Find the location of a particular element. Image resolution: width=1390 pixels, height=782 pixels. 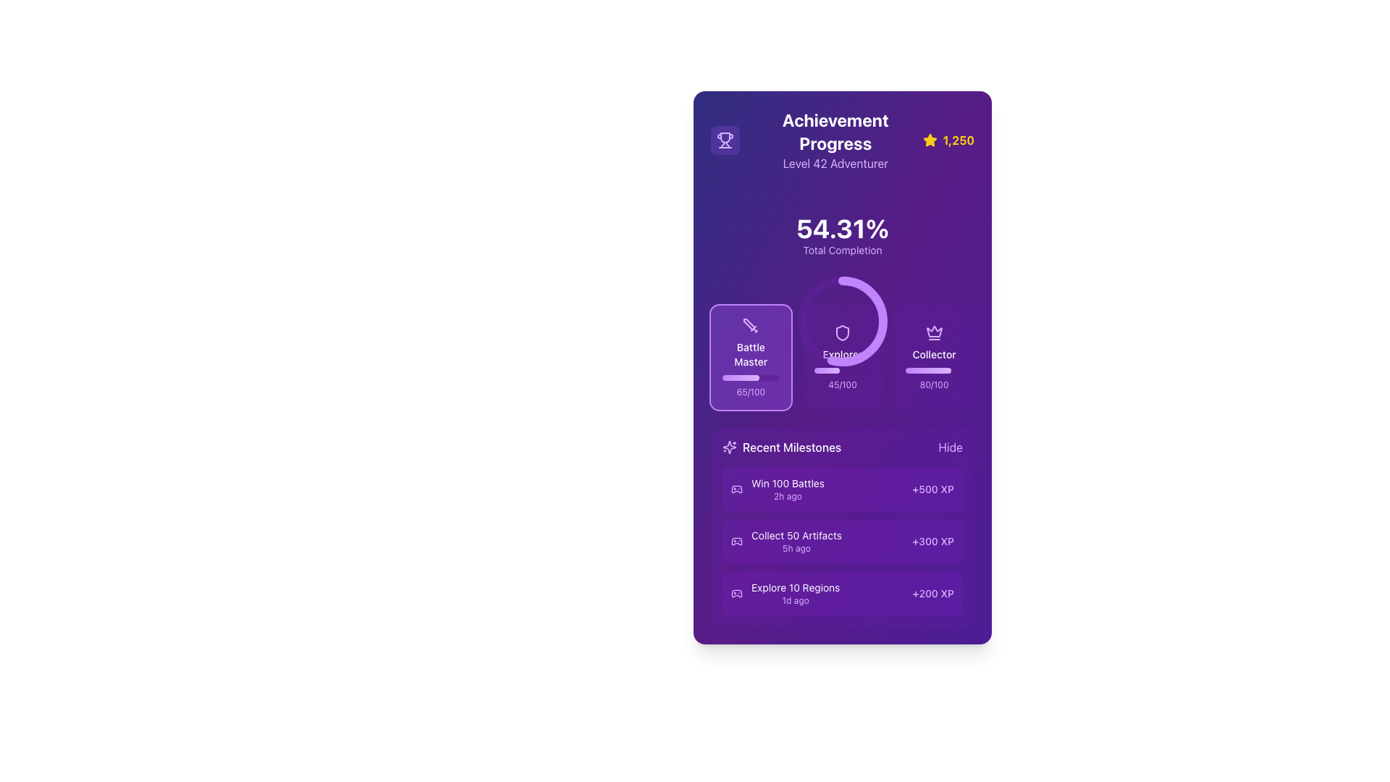

the game controller icon styled with thin strokes and a light purple hue, located in the 'Recent Milestones' section next to 'Explore 10 Regions' is located at coordinates (736, 594).